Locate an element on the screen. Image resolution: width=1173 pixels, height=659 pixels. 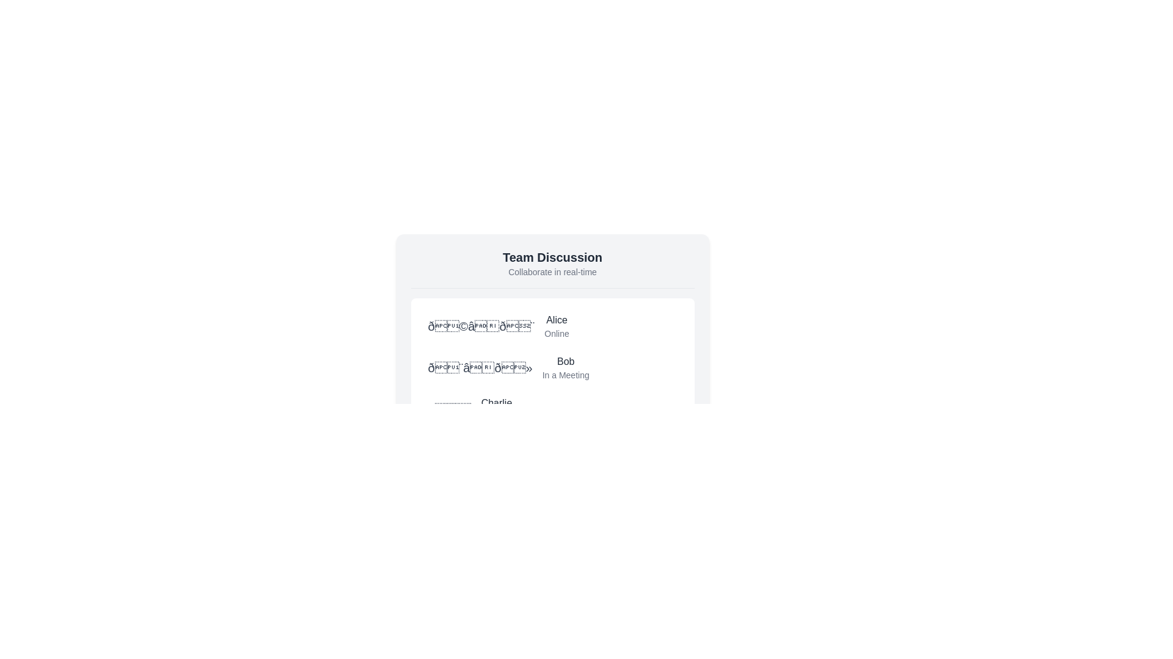
the A list item displaying 'Bob' with the status indicator indicating he is 'In a Meeting', located in the 'Team Discussion' box is located at coordinates (552, 367).